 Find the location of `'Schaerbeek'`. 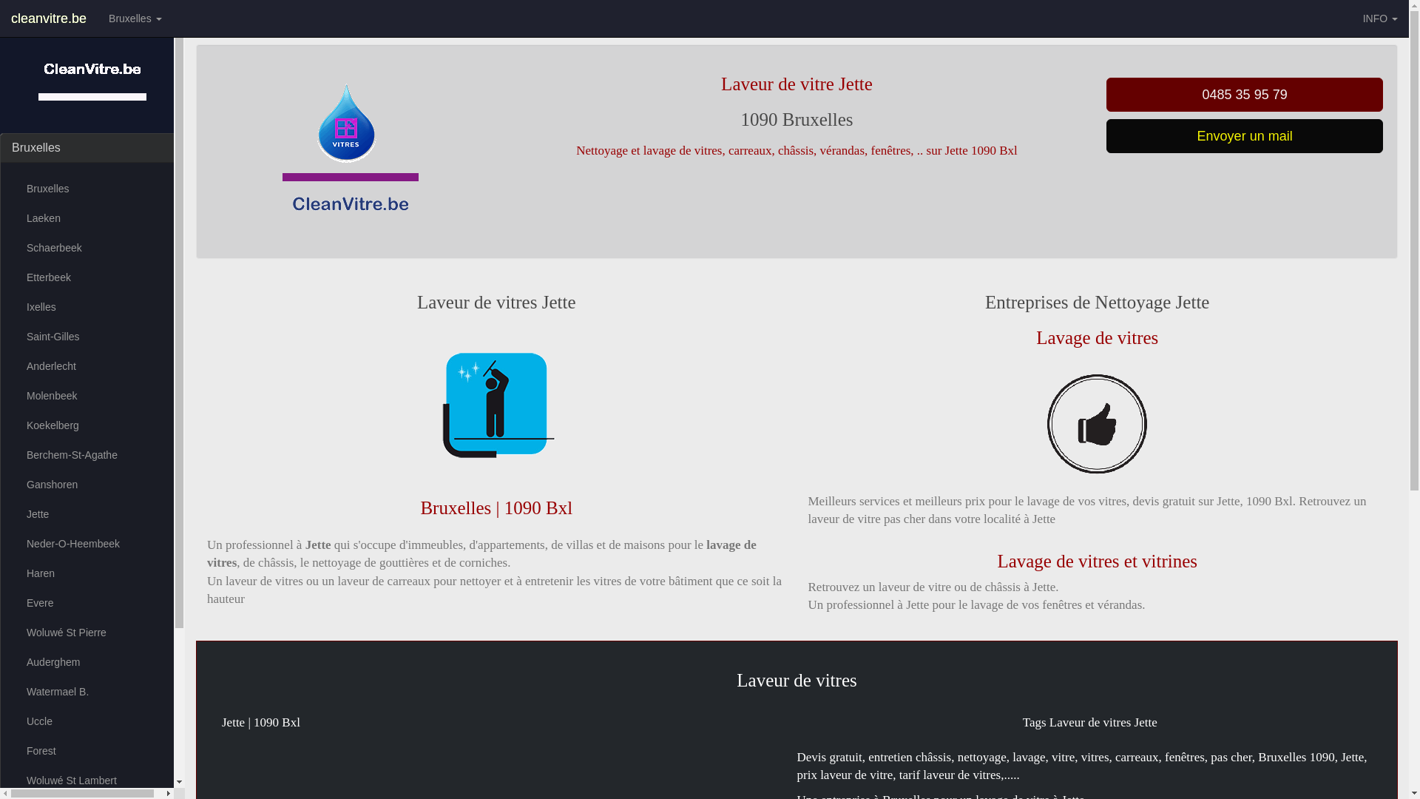

'Schaerbeek' is located at coordinates (11, 247).